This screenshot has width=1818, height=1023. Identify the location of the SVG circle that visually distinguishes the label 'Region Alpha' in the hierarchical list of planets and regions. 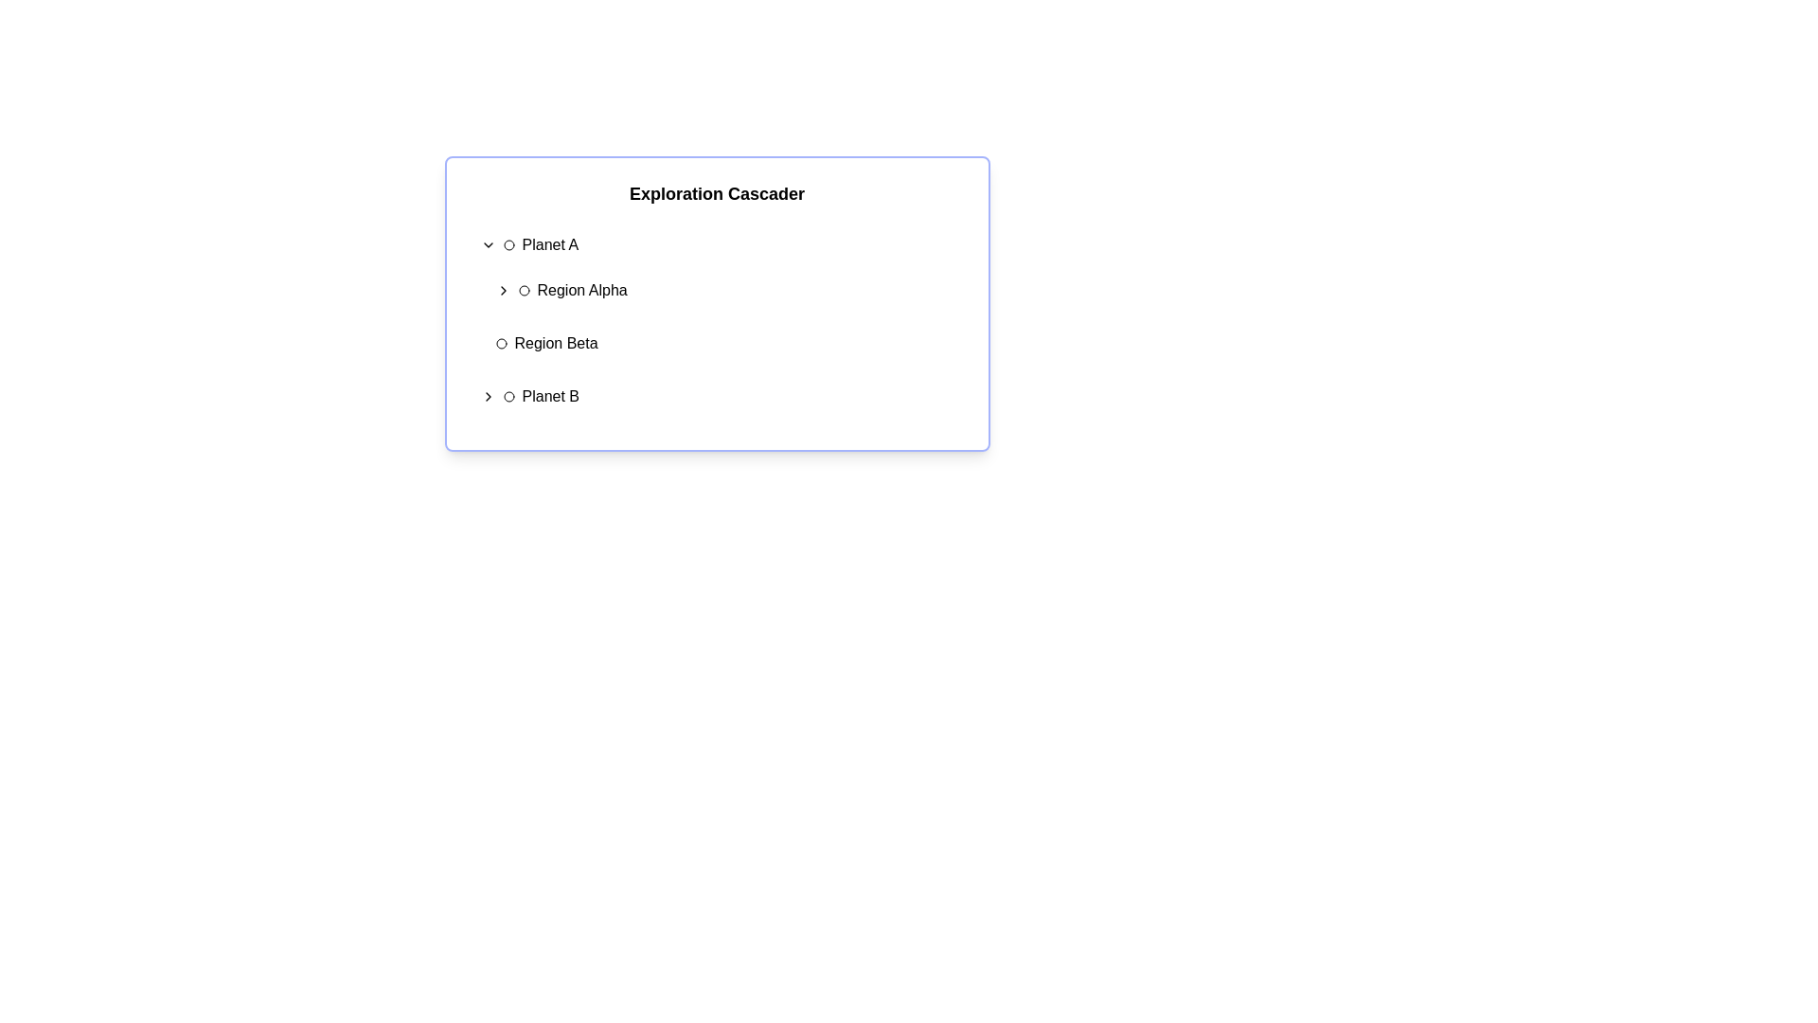
(524, 291).